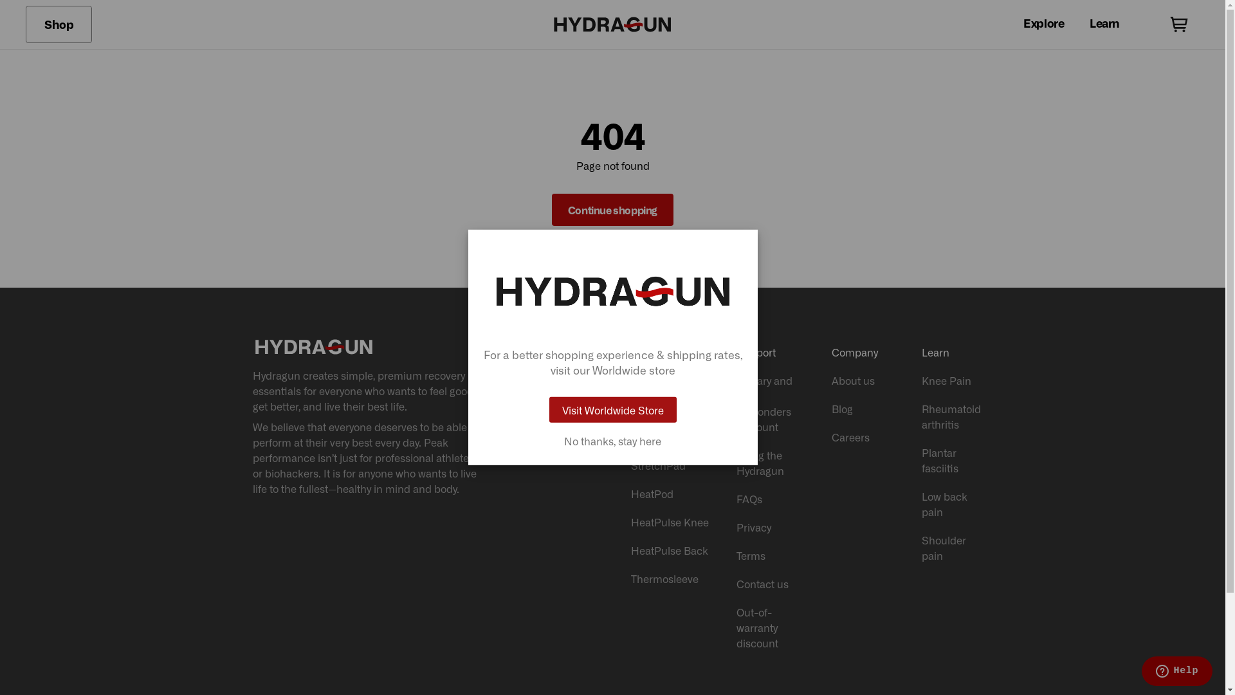  Describe the element at coordinates (771, 526) in the screenshot. I see `'Privacy'` at that location.